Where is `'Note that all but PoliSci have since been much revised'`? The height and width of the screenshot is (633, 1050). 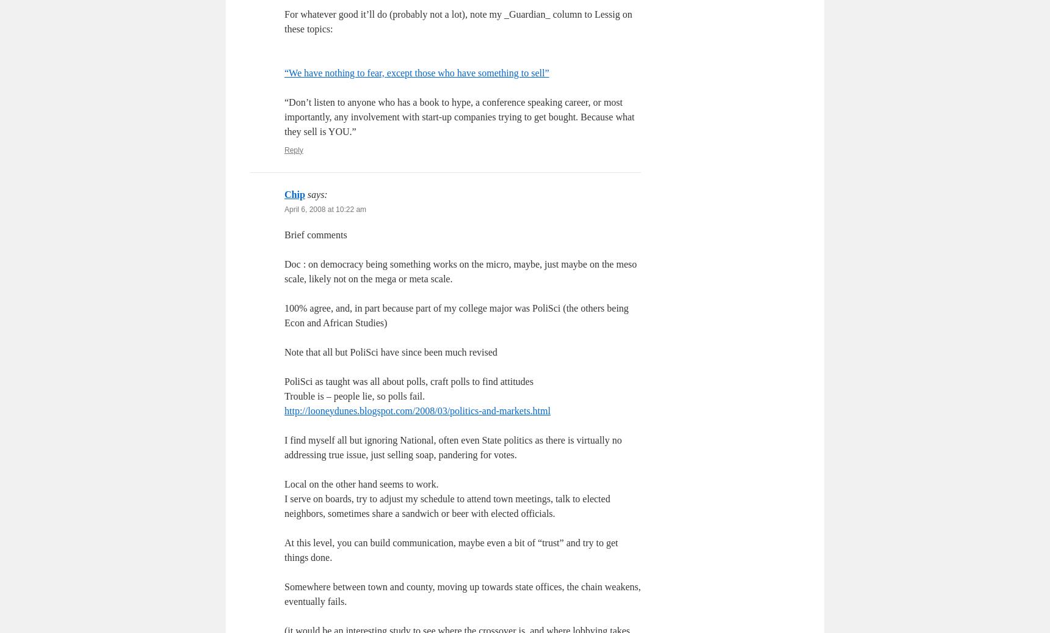
'Note that all but PoliSci have since been much revised' is located at coordinates (283, 351).